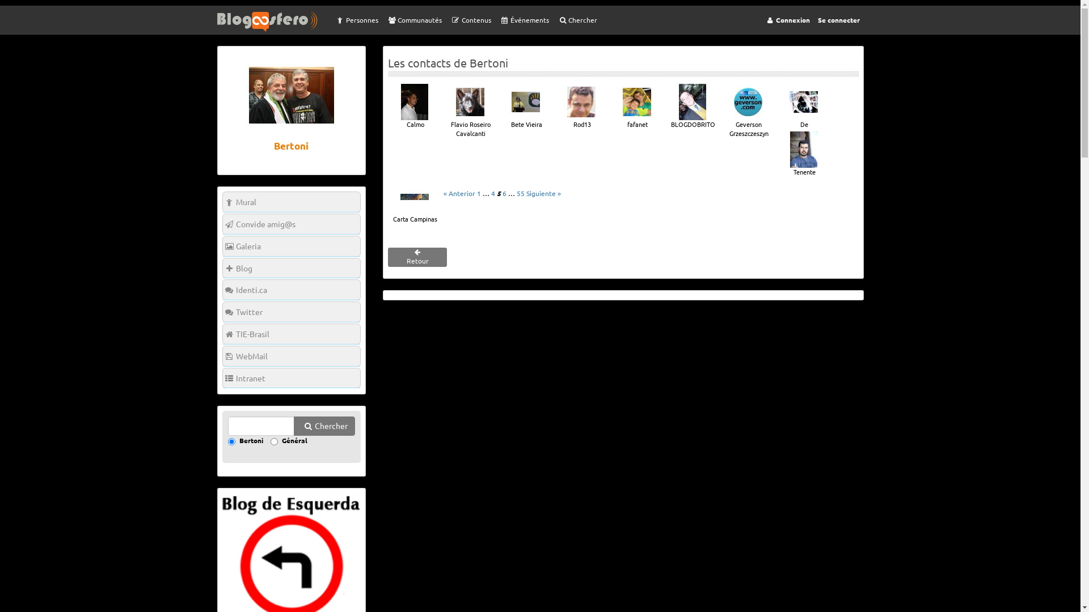  Describe the element at coordinates (525, 107) in the screenshot. I see `'Bete Vieira'` at that location.